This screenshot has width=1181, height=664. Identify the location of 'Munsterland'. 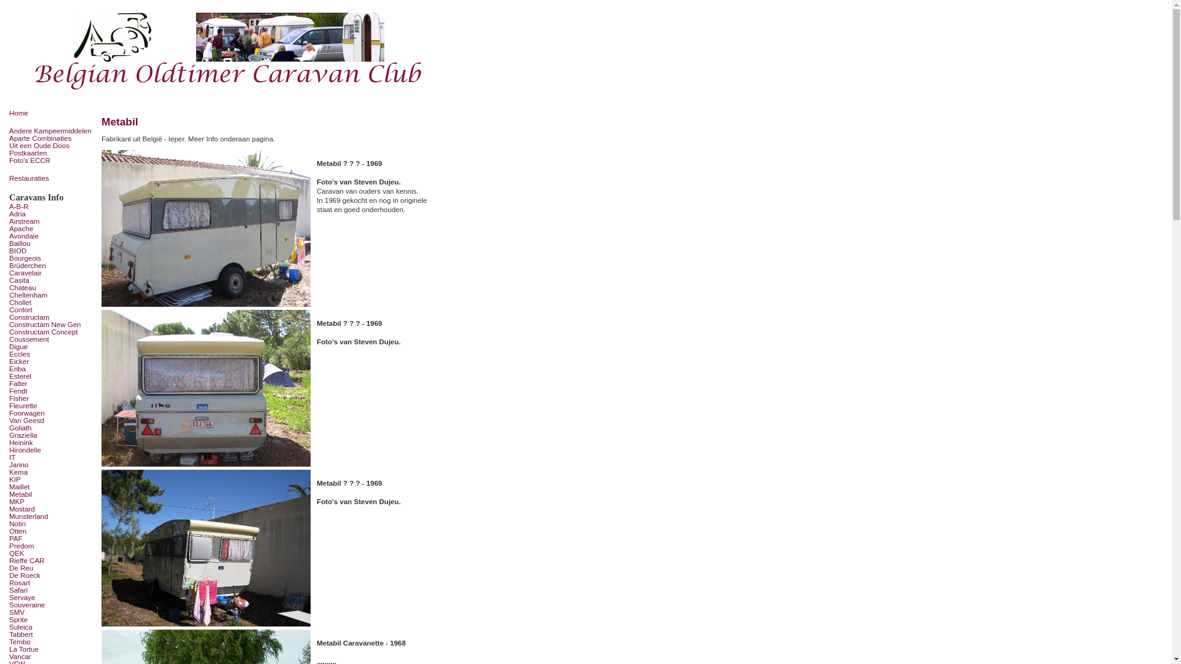
(9, 516).